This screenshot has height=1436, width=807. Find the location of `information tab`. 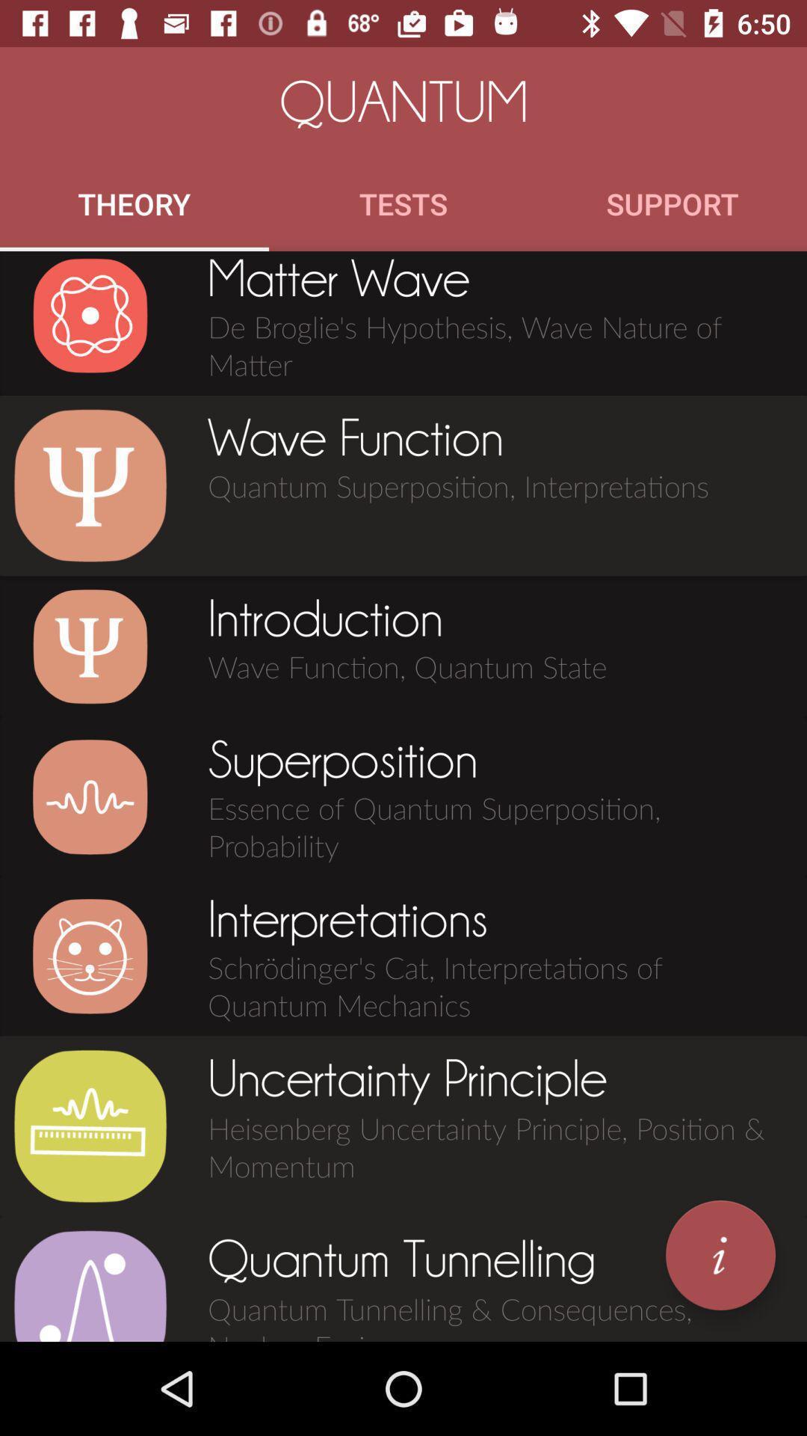

information tab is located at coordinates (720, 1255).